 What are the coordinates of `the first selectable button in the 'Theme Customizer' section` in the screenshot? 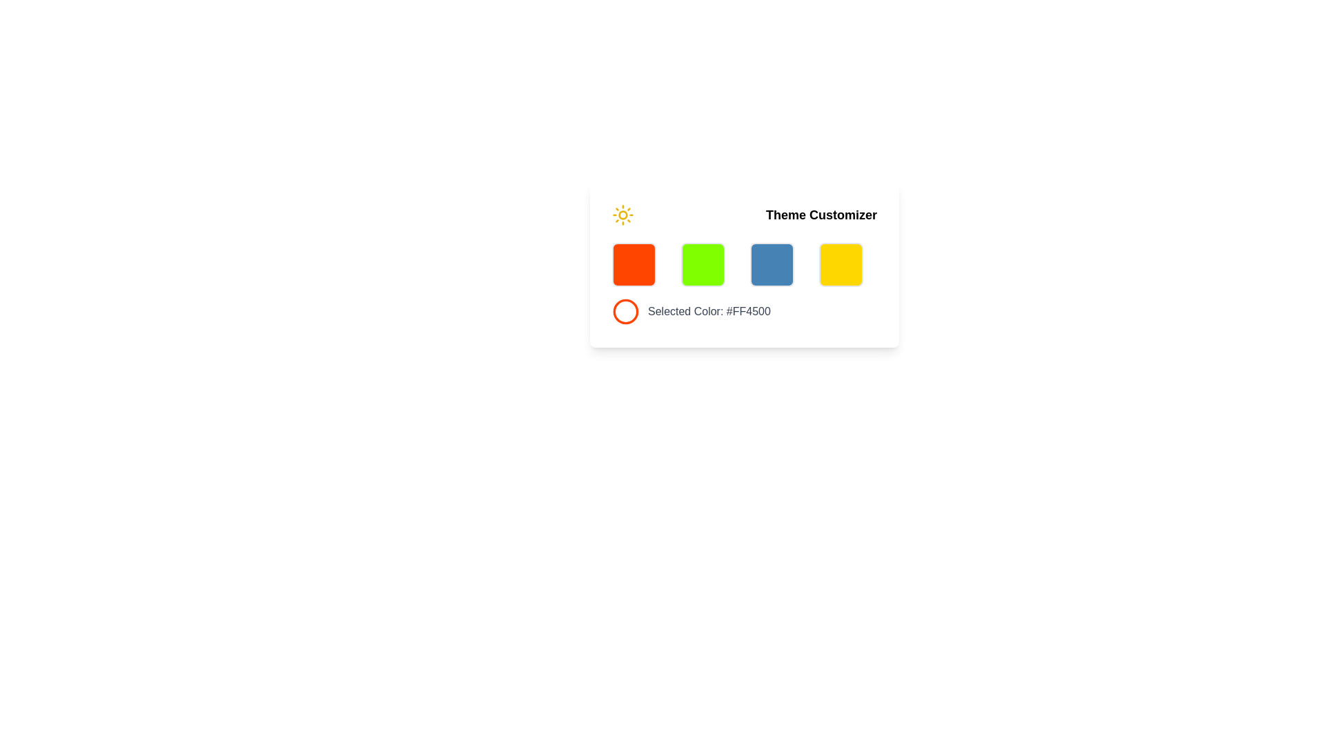 It's located at (633, 265).